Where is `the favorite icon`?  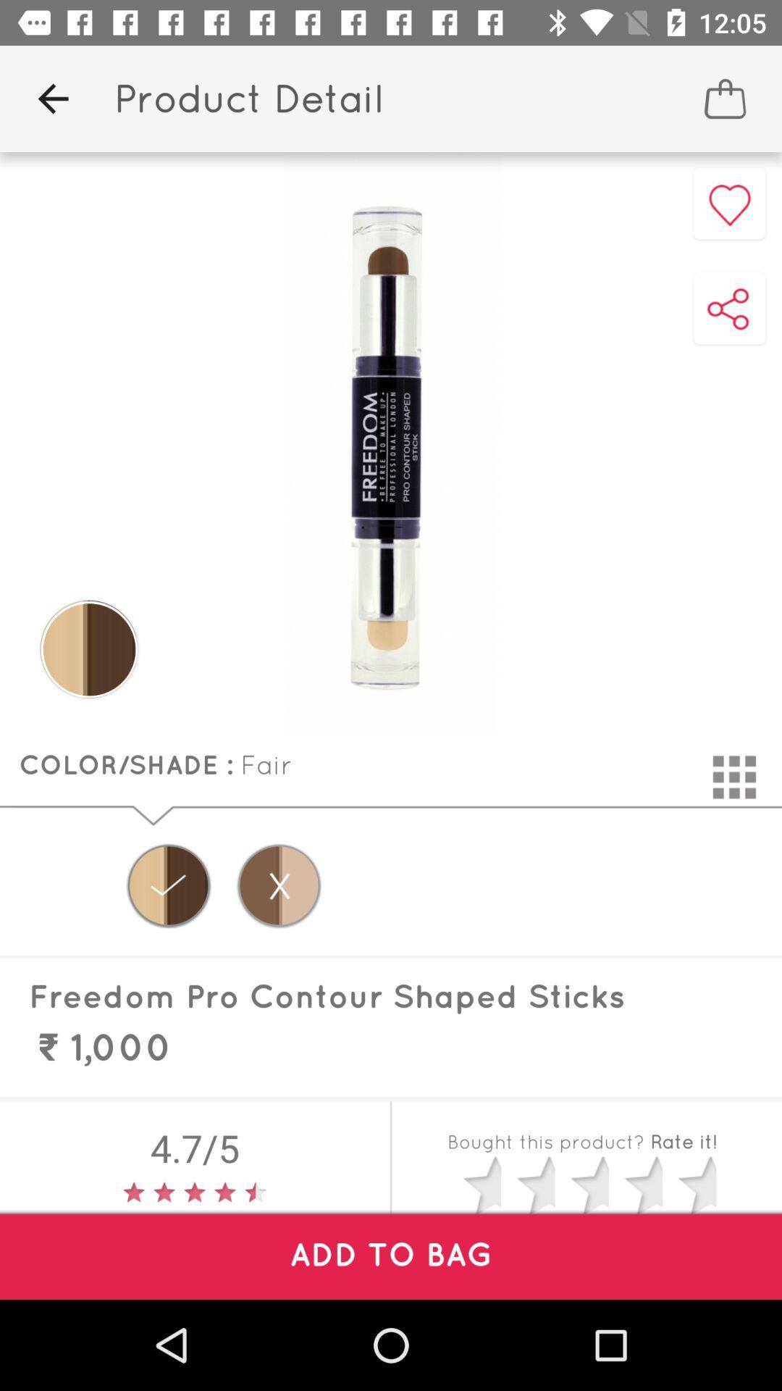 the favorite icon is located at coordinates (729, 204).